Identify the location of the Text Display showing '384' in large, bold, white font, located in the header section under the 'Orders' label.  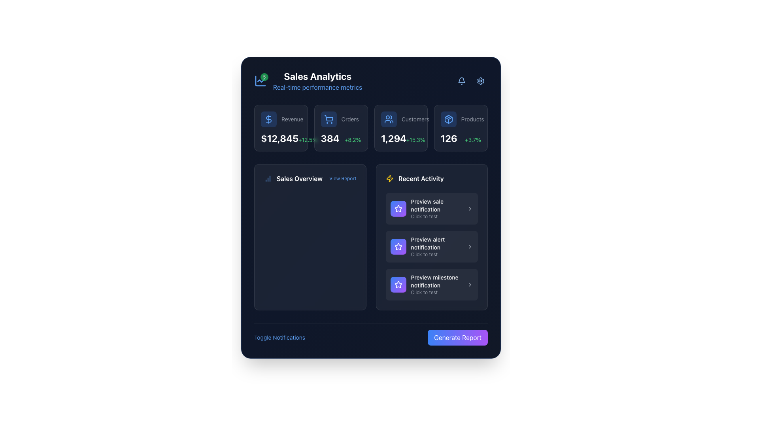
(330, 138).